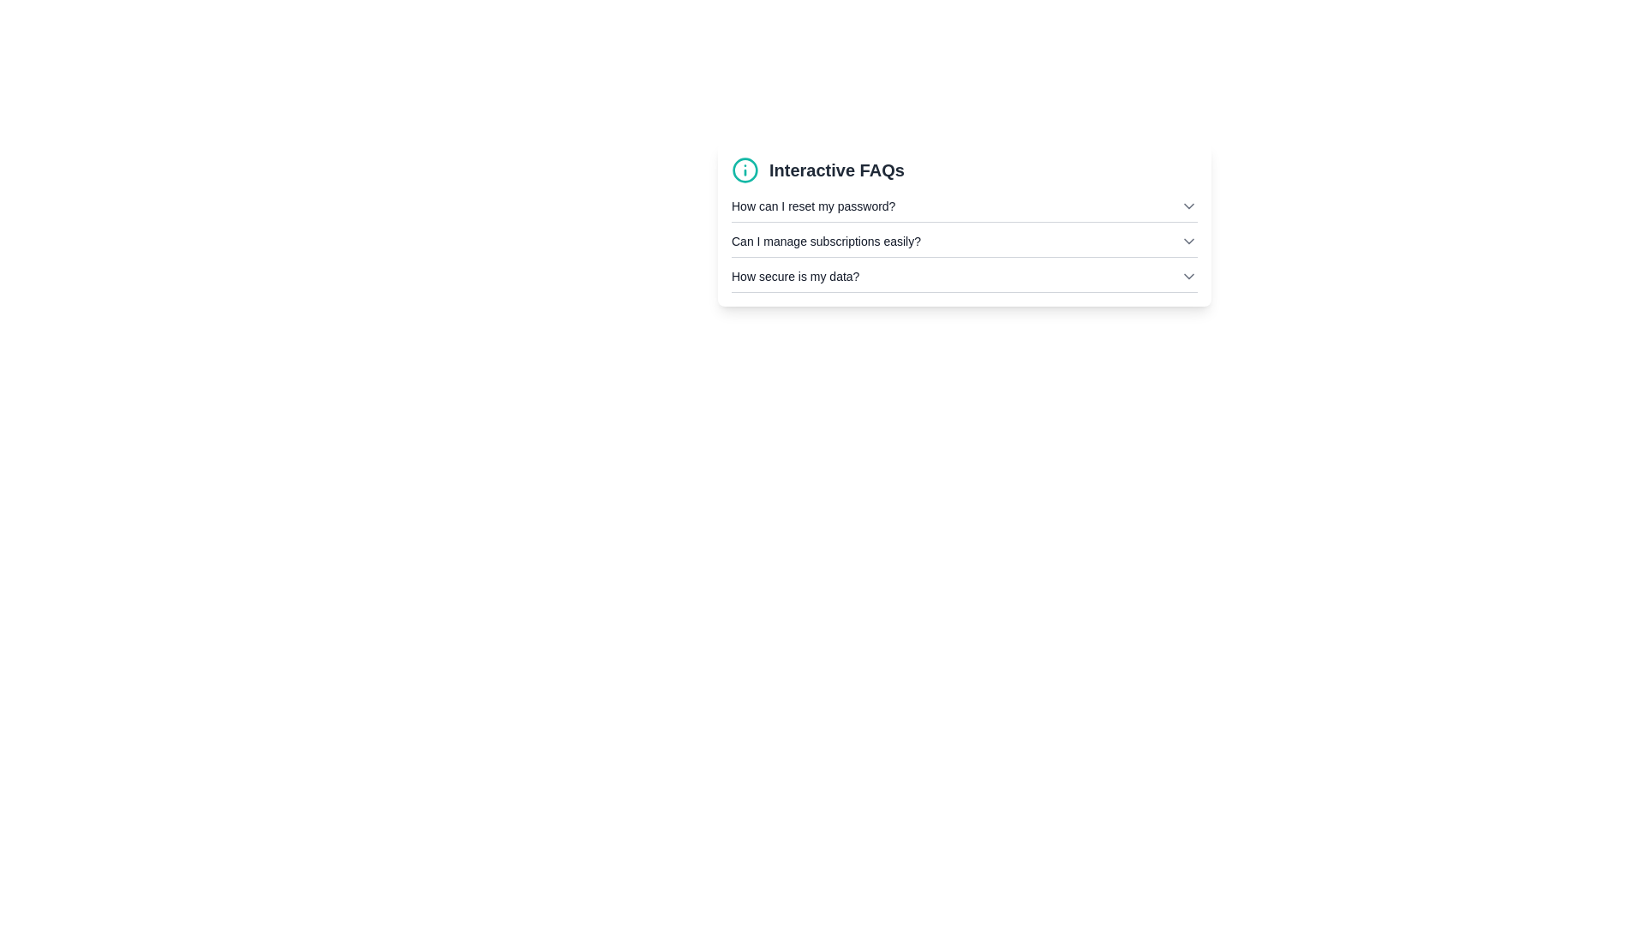  I want to click on the FAQ entry titled 'How secure is my data?', so click(965, 279).